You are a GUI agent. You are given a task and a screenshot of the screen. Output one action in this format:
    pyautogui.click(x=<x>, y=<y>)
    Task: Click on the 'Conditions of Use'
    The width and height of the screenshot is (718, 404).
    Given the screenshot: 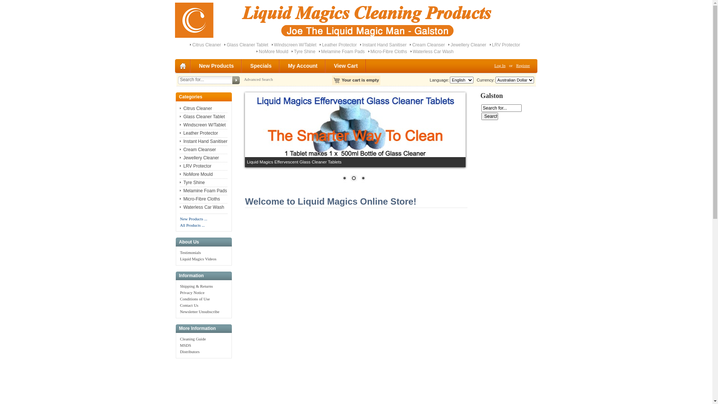 What is the action you would take?
    pyautogui.click(x=195, y=298)
    